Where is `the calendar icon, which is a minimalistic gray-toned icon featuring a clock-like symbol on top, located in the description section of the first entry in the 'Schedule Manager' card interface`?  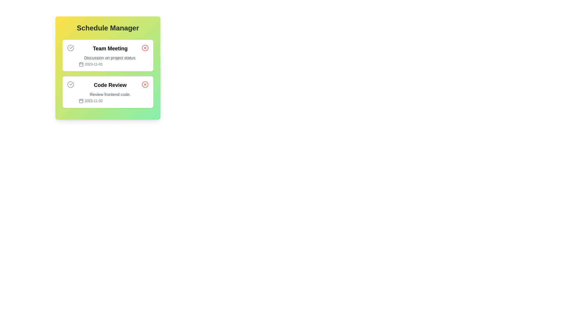 the calendar icon, which is a minimalistic gray-toned icon featuring a clock-like symbol on top, located in the description section of the first entry in the 'Schedule Manager' card interface is located at coordinates (81, 64).